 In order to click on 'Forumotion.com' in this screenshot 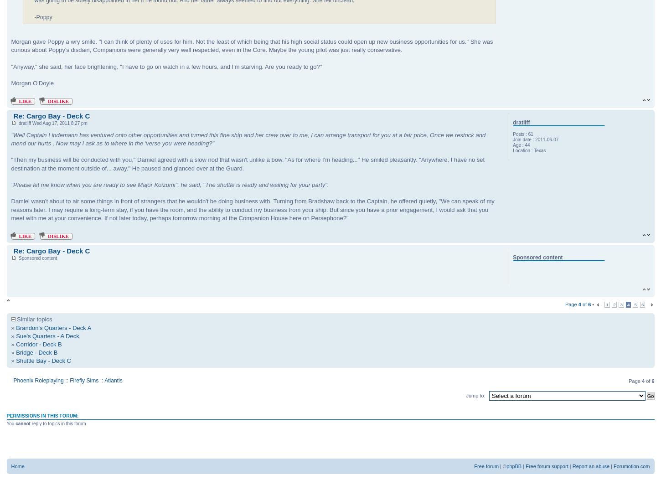, I will do `click(613, 465)`.